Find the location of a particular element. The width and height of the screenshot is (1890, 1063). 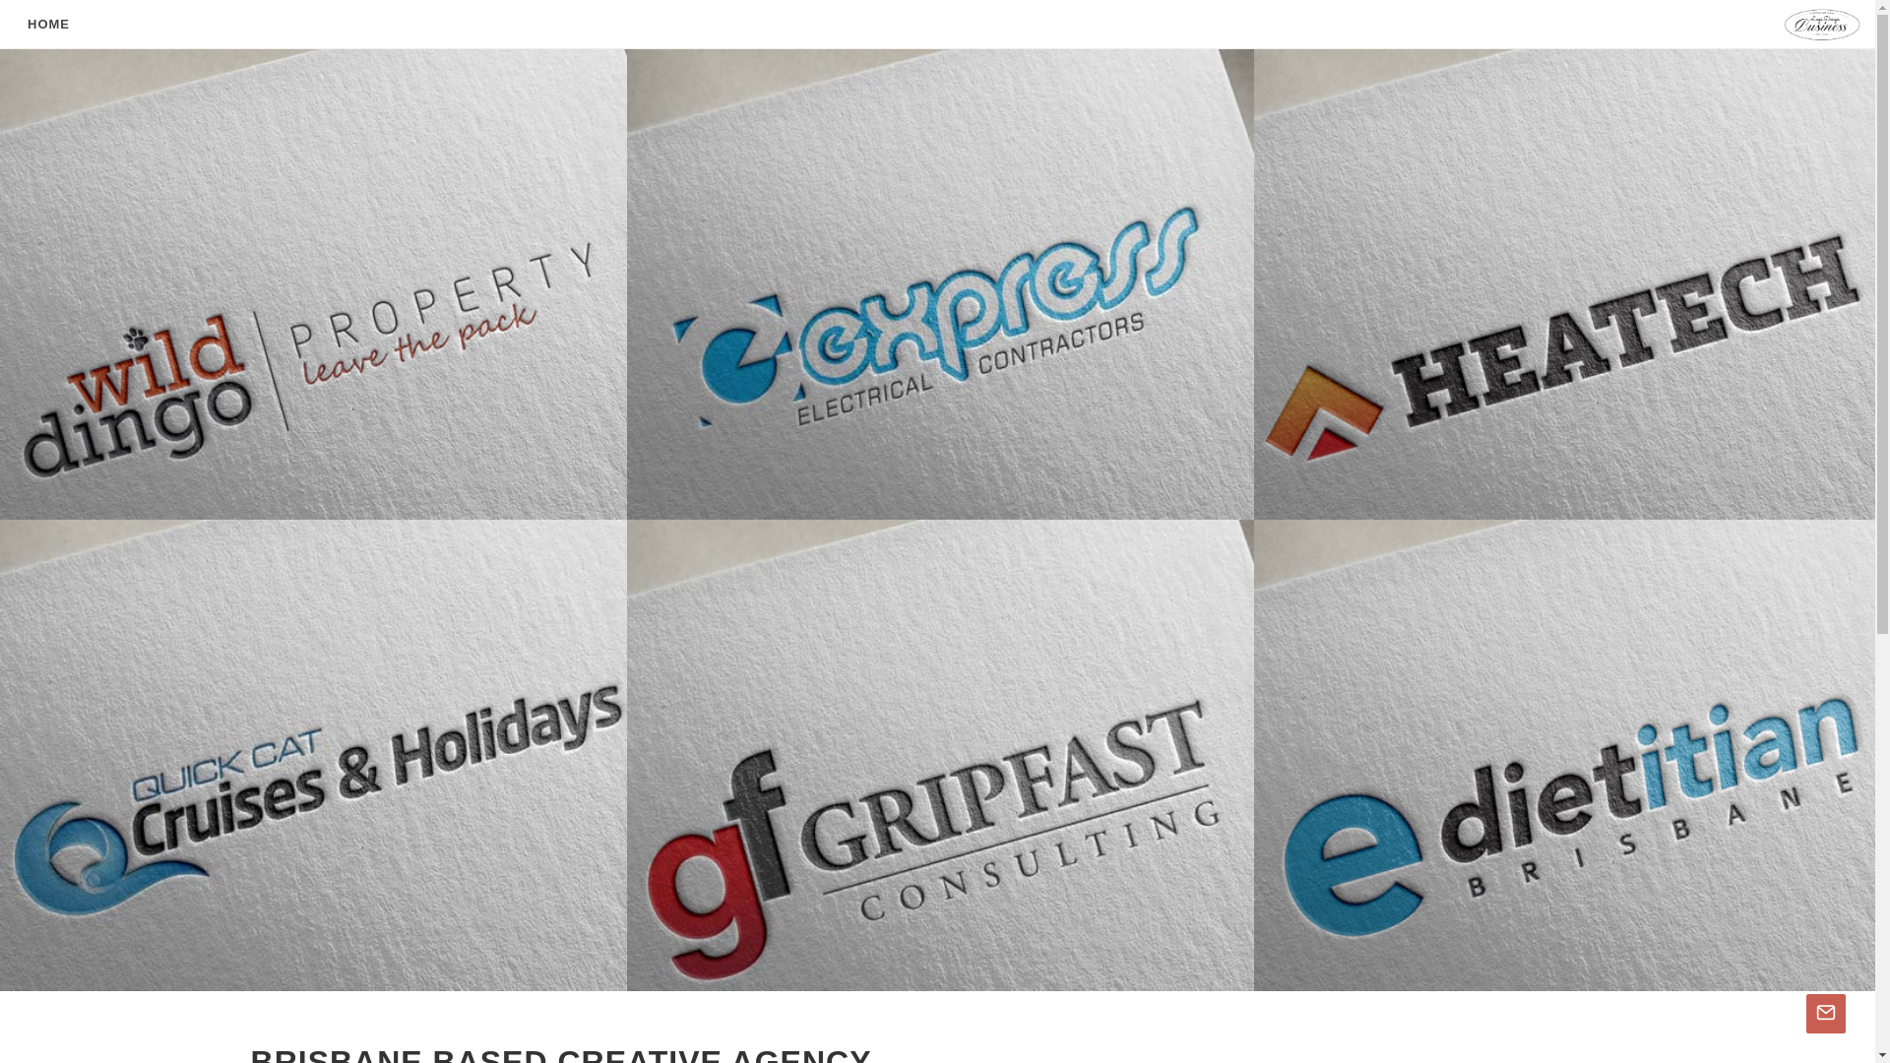

'HOME' is located at coordinates (48, 24).